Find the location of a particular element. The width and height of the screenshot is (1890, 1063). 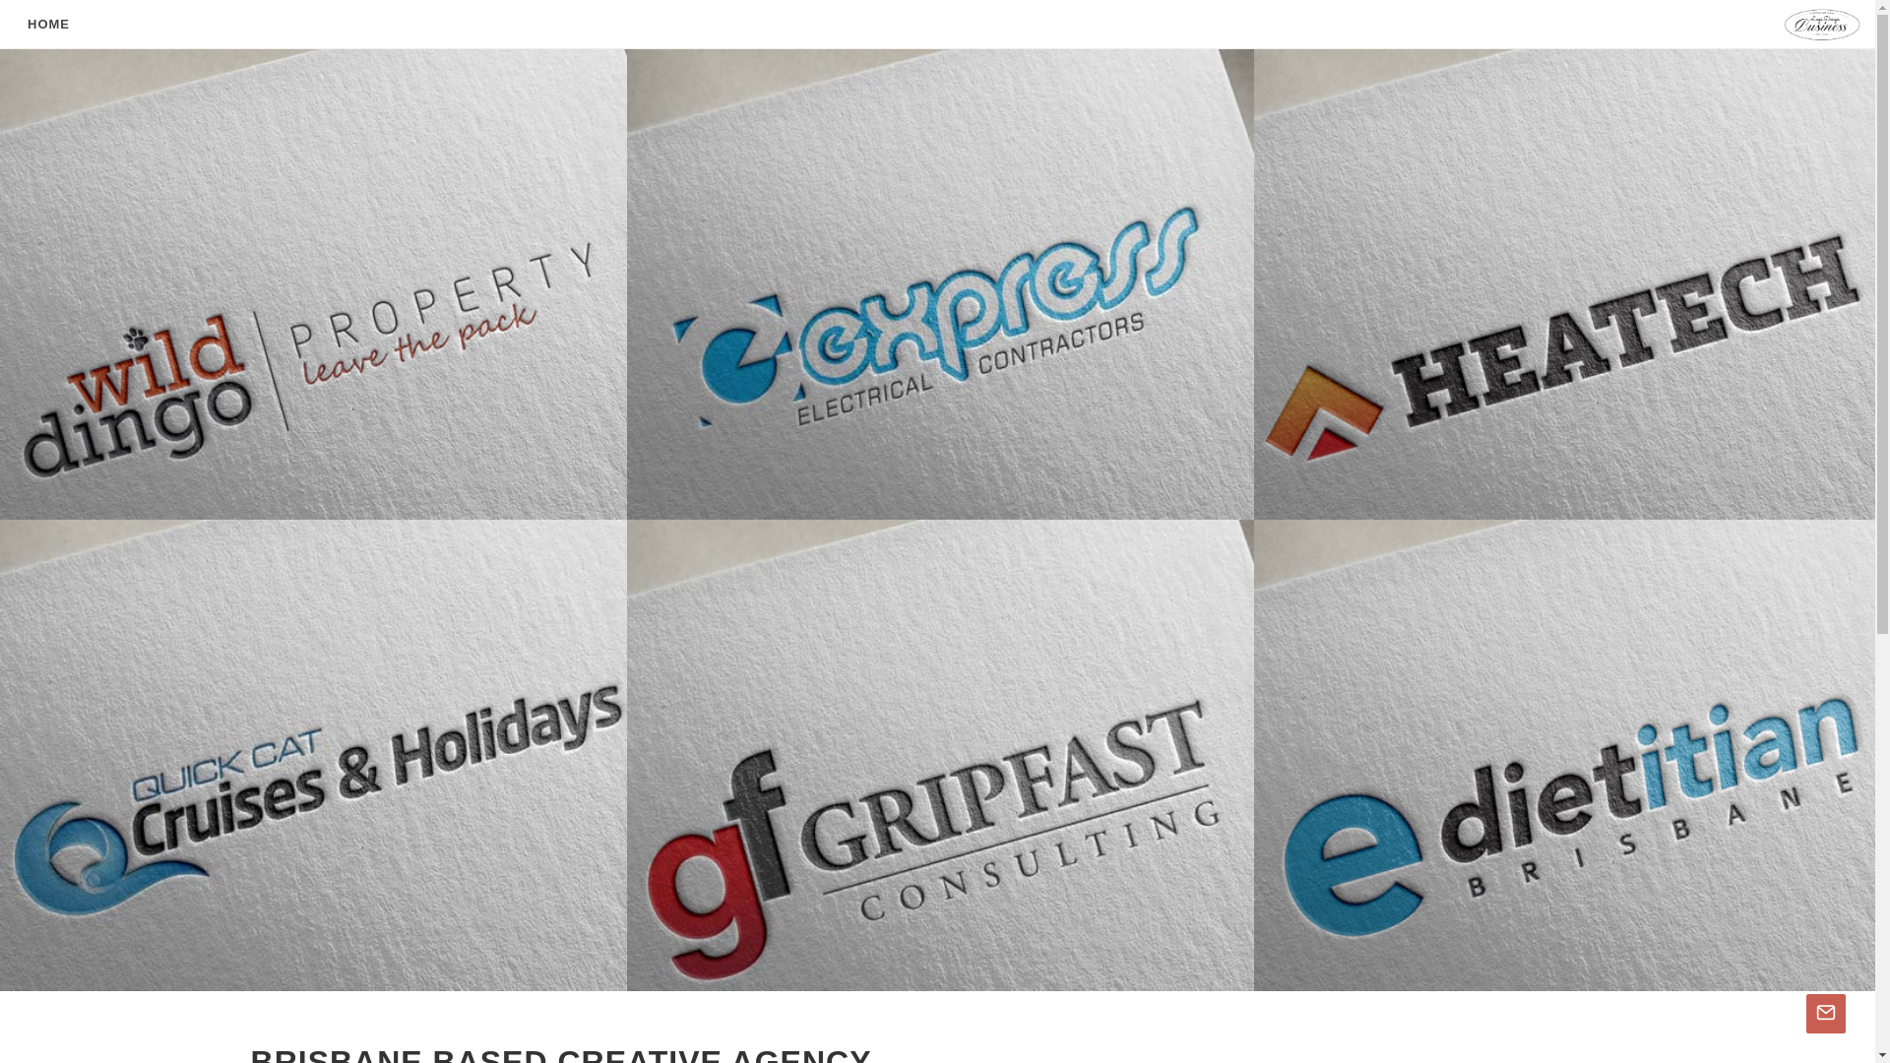

'HOME' is located at coordinates (48, 24).